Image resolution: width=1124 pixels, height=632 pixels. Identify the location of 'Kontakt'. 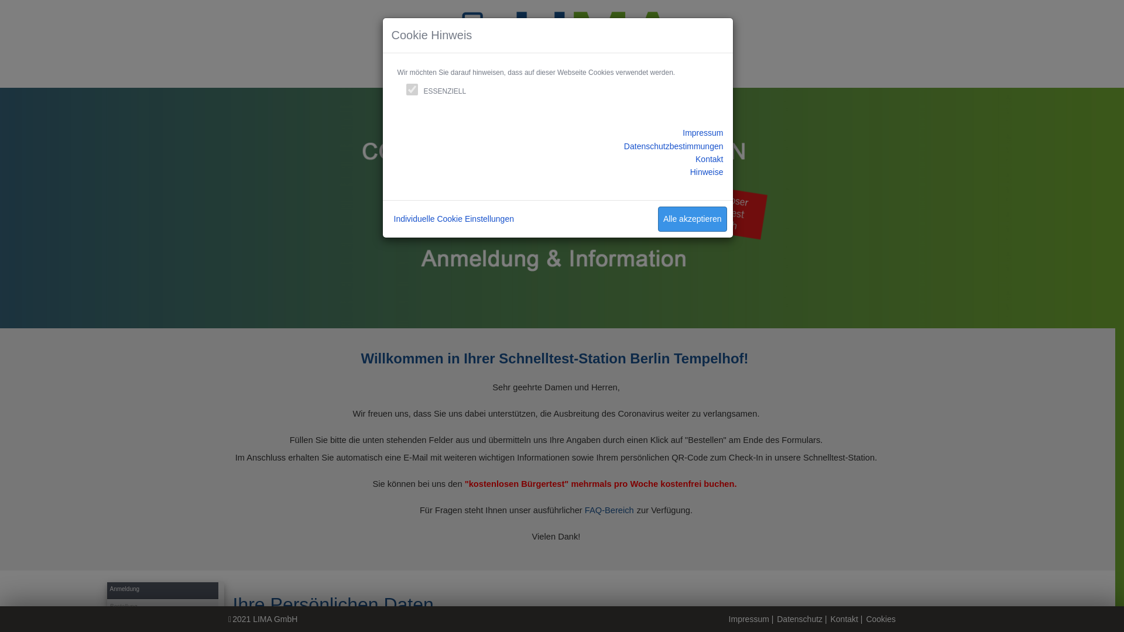
(844, 618).